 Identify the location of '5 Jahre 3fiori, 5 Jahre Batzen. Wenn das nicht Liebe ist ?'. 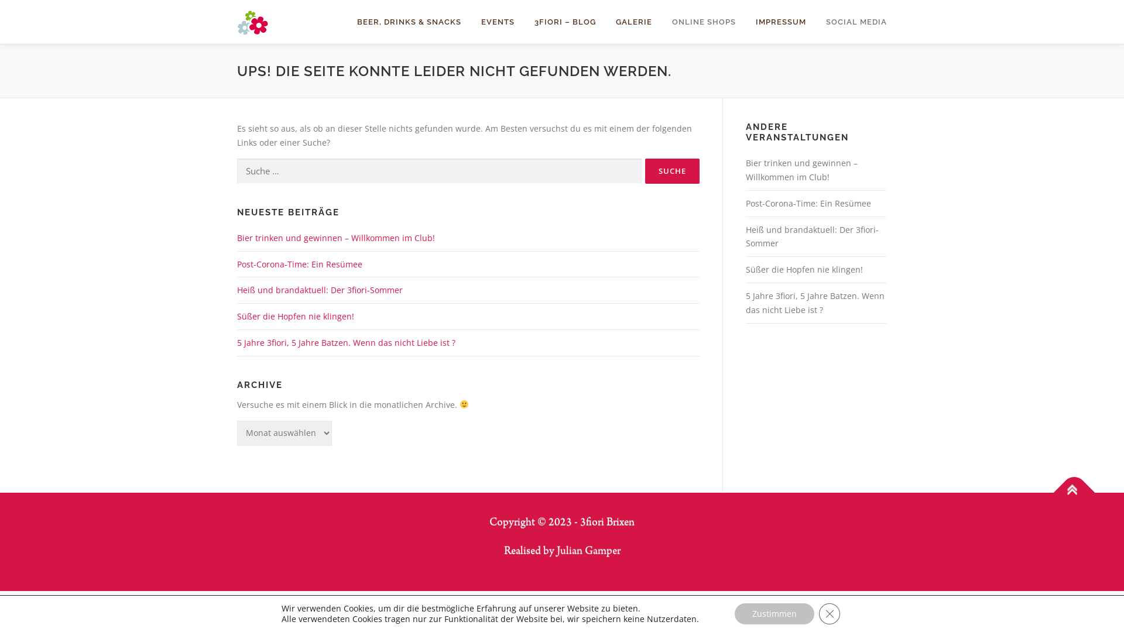
(814, 302).